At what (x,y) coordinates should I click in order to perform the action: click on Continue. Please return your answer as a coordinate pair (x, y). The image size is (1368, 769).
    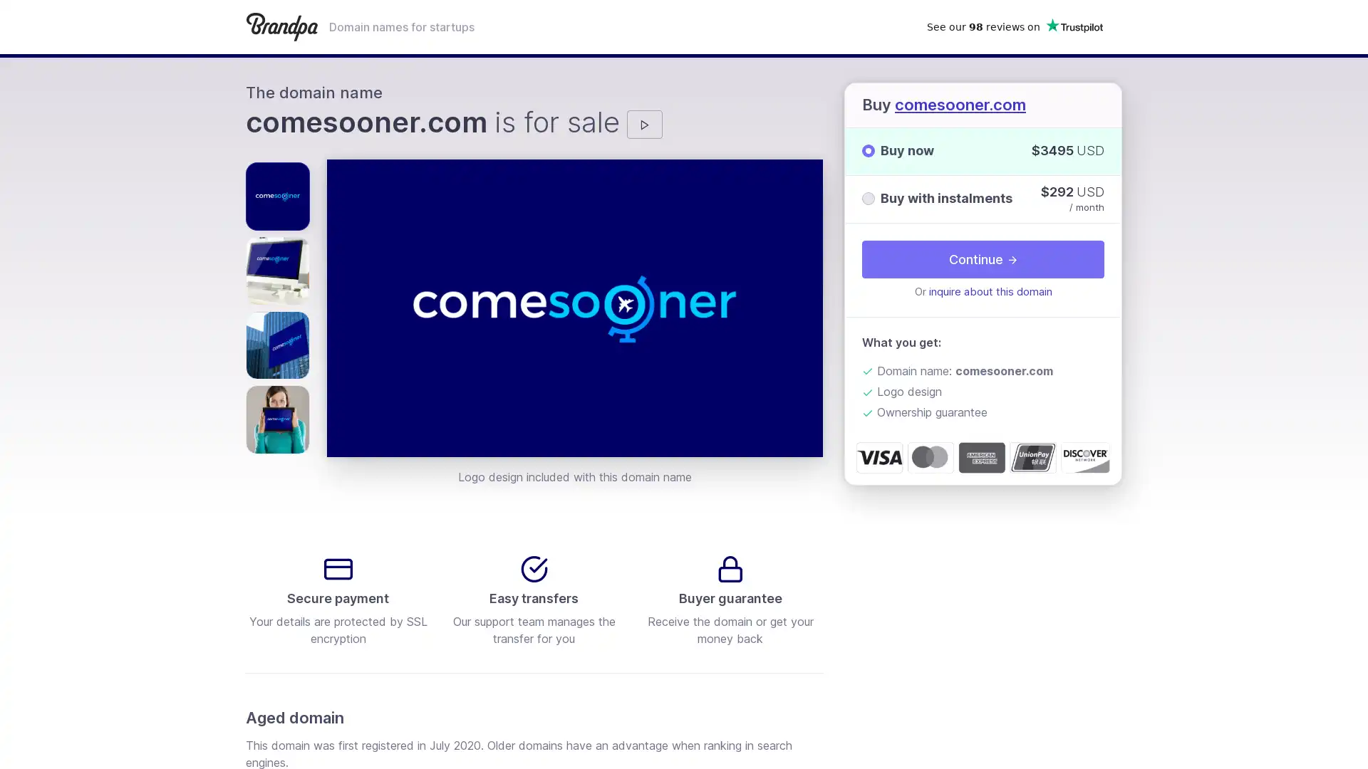
    Looking at the image, I should click on (983, 258).